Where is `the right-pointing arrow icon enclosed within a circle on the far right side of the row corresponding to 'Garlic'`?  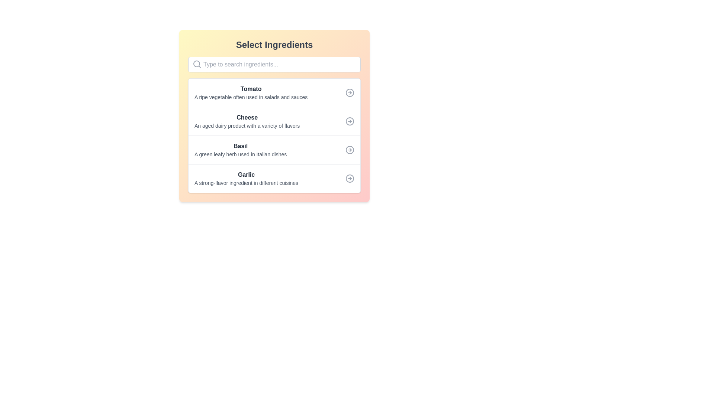
the right-pointing arrow icon enclosed within a circle on the far right side of the row corresponding to 'Garlic' is located at coordinates (349, 179).